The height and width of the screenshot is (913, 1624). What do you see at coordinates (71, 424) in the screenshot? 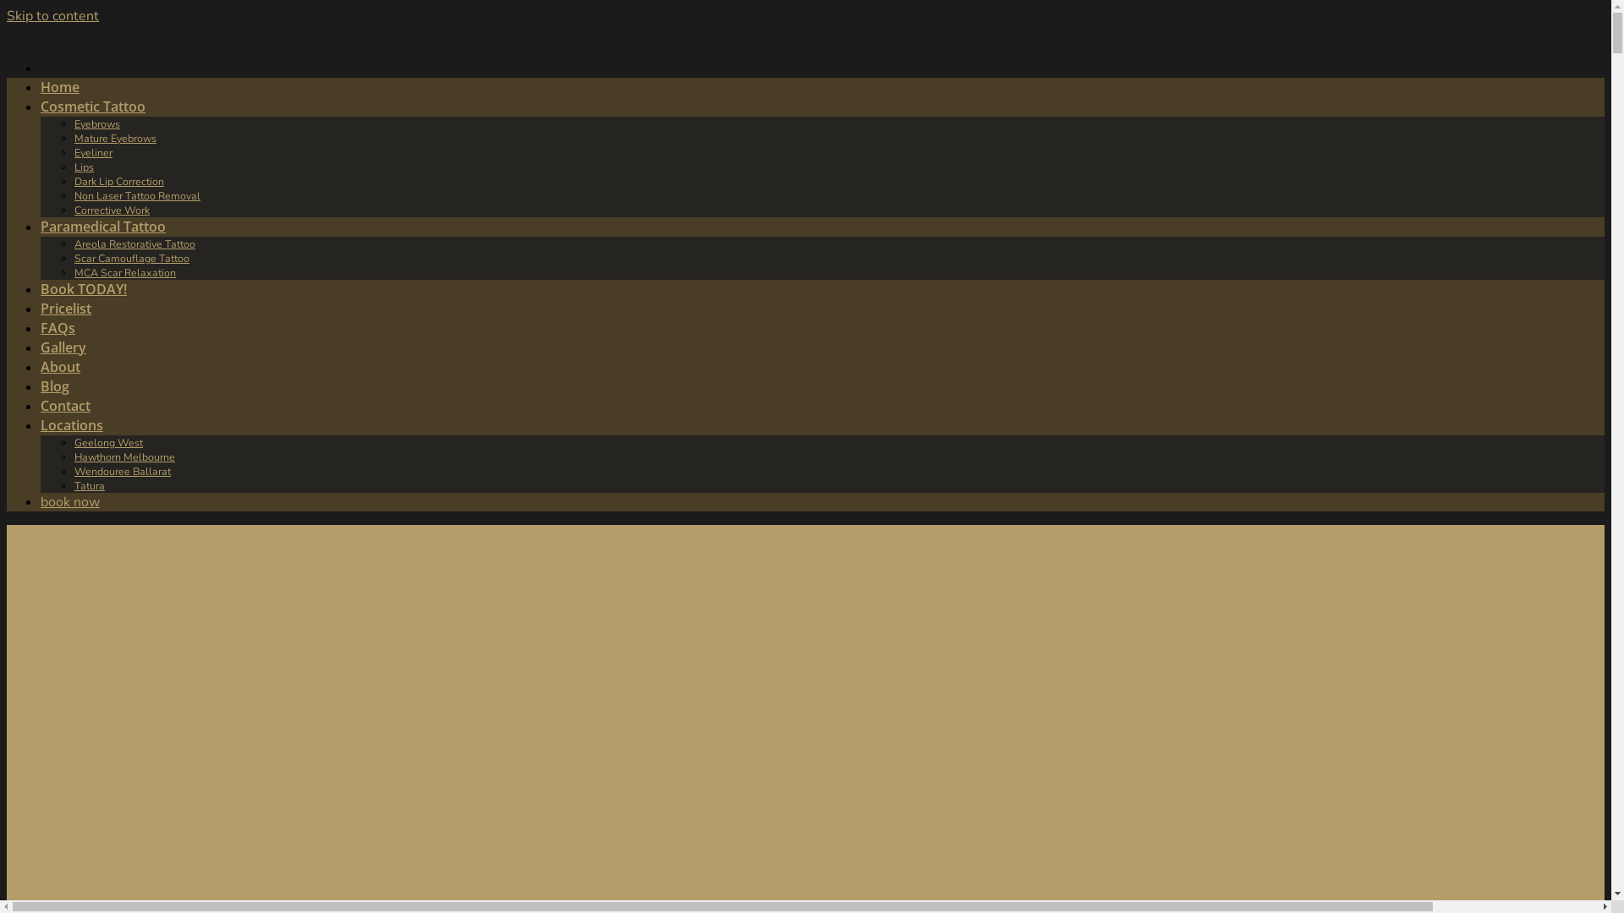
I see `'Locations'` at bounding box center [71, 424].